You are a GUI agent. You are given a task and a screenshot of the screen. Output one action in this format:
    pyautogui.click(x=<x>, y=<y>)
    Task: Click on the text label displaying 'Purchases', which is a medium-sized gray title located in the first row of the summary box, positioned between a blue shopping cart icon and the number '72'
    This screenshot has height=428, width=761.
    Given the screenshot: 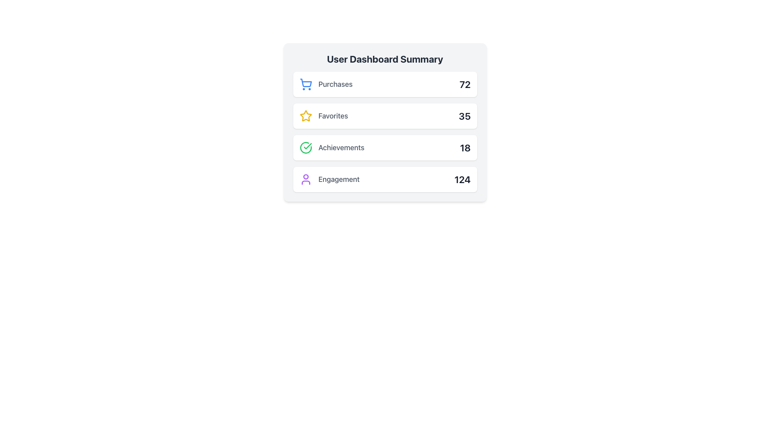 What is the action you would take?
    pyautogui.click(x=335, y=84)
    